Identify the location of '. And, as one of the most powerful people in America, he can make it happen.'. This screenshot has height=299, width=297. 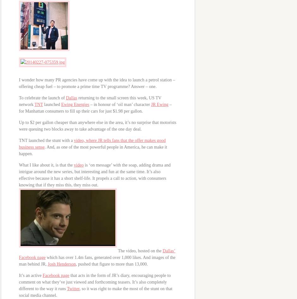
(93, 150).